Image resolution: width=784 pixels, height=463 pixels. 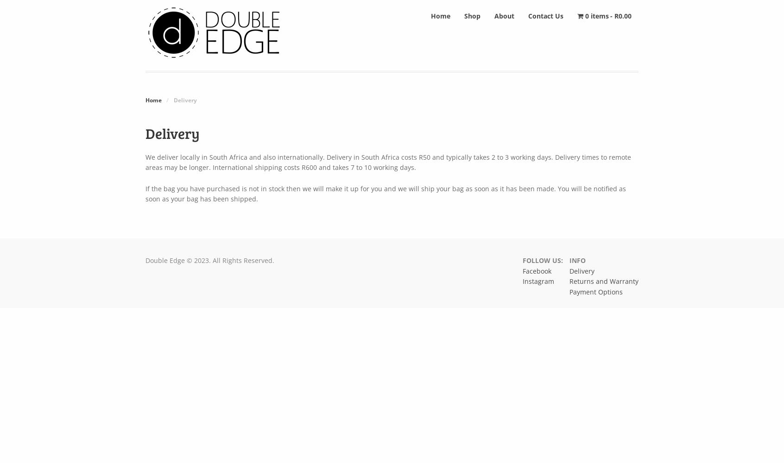 What do you see at coordinates (622, 15) in the screenshot?
I see `'R0.00'` at bounding box center [622, 15].